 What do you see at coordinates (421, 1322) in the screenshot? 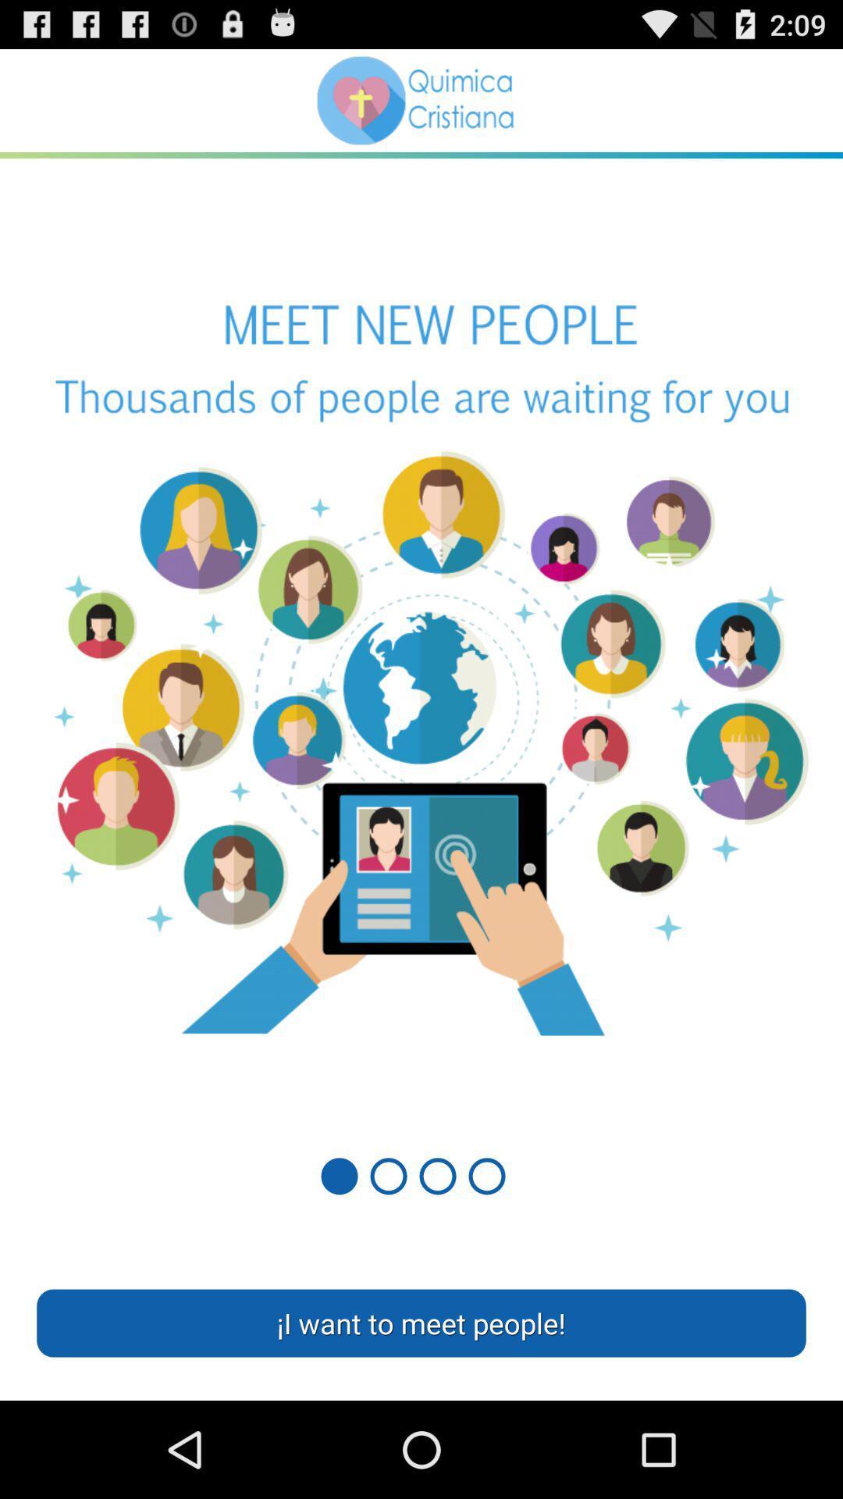
I see `the i want to item` at bounding box center [421, 1322].